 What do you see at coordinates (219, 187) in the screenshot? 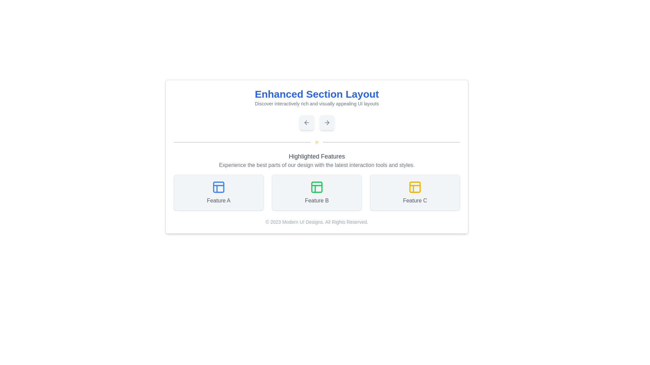
I see `the decorative rectangular shape with rounded corners located within the 'Feature A' card in the lower-left section of the interface` at bounding box center [219, 187].